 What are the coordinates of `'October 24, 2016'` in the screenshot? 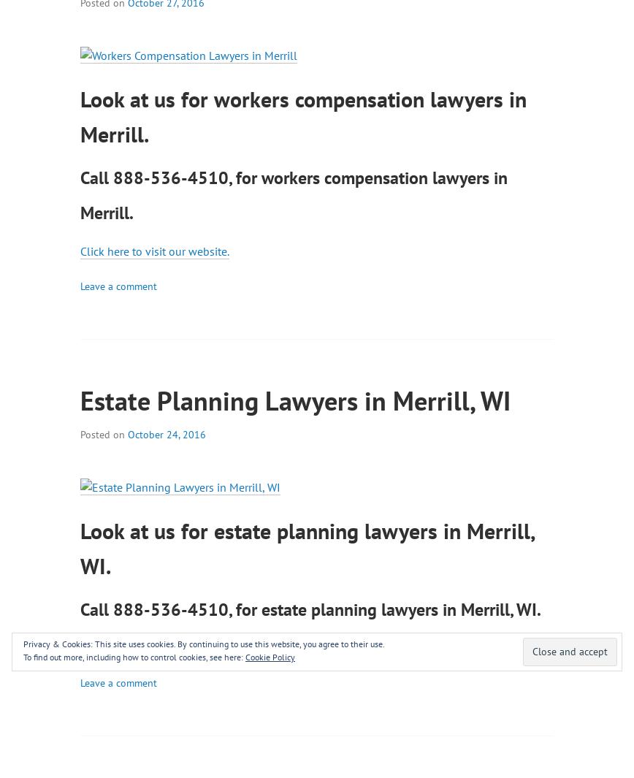 It's located at (166, 433).